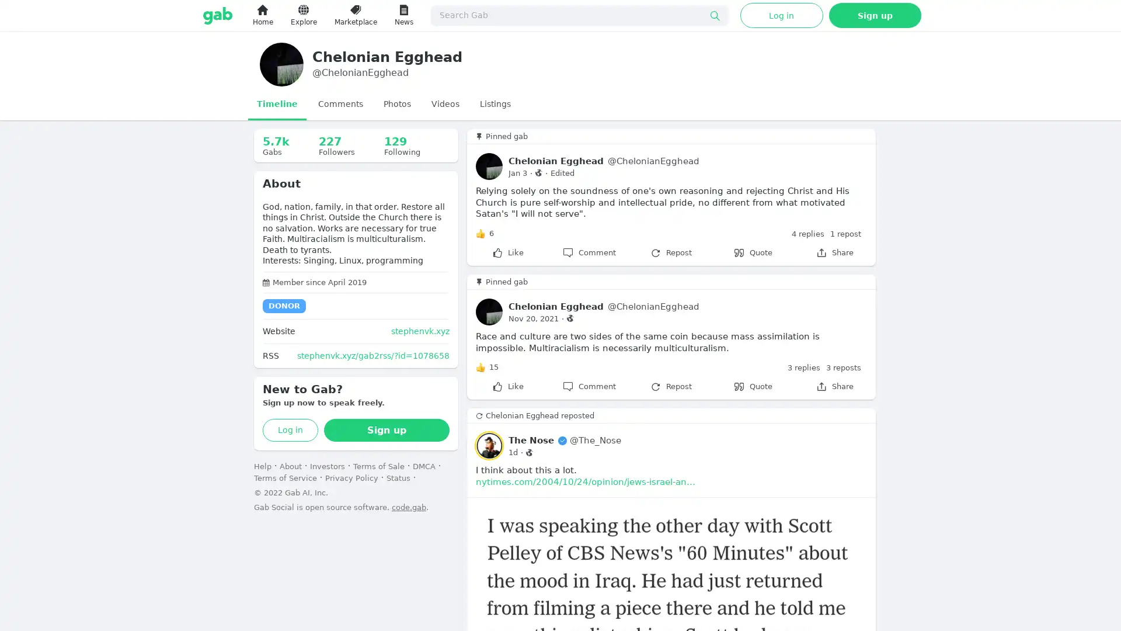 This screenshot has height=631, width=1121. What do you see at coordinates (487, 366) in the screenshot?
I see `Like 15` at bounding box center [487, 366].